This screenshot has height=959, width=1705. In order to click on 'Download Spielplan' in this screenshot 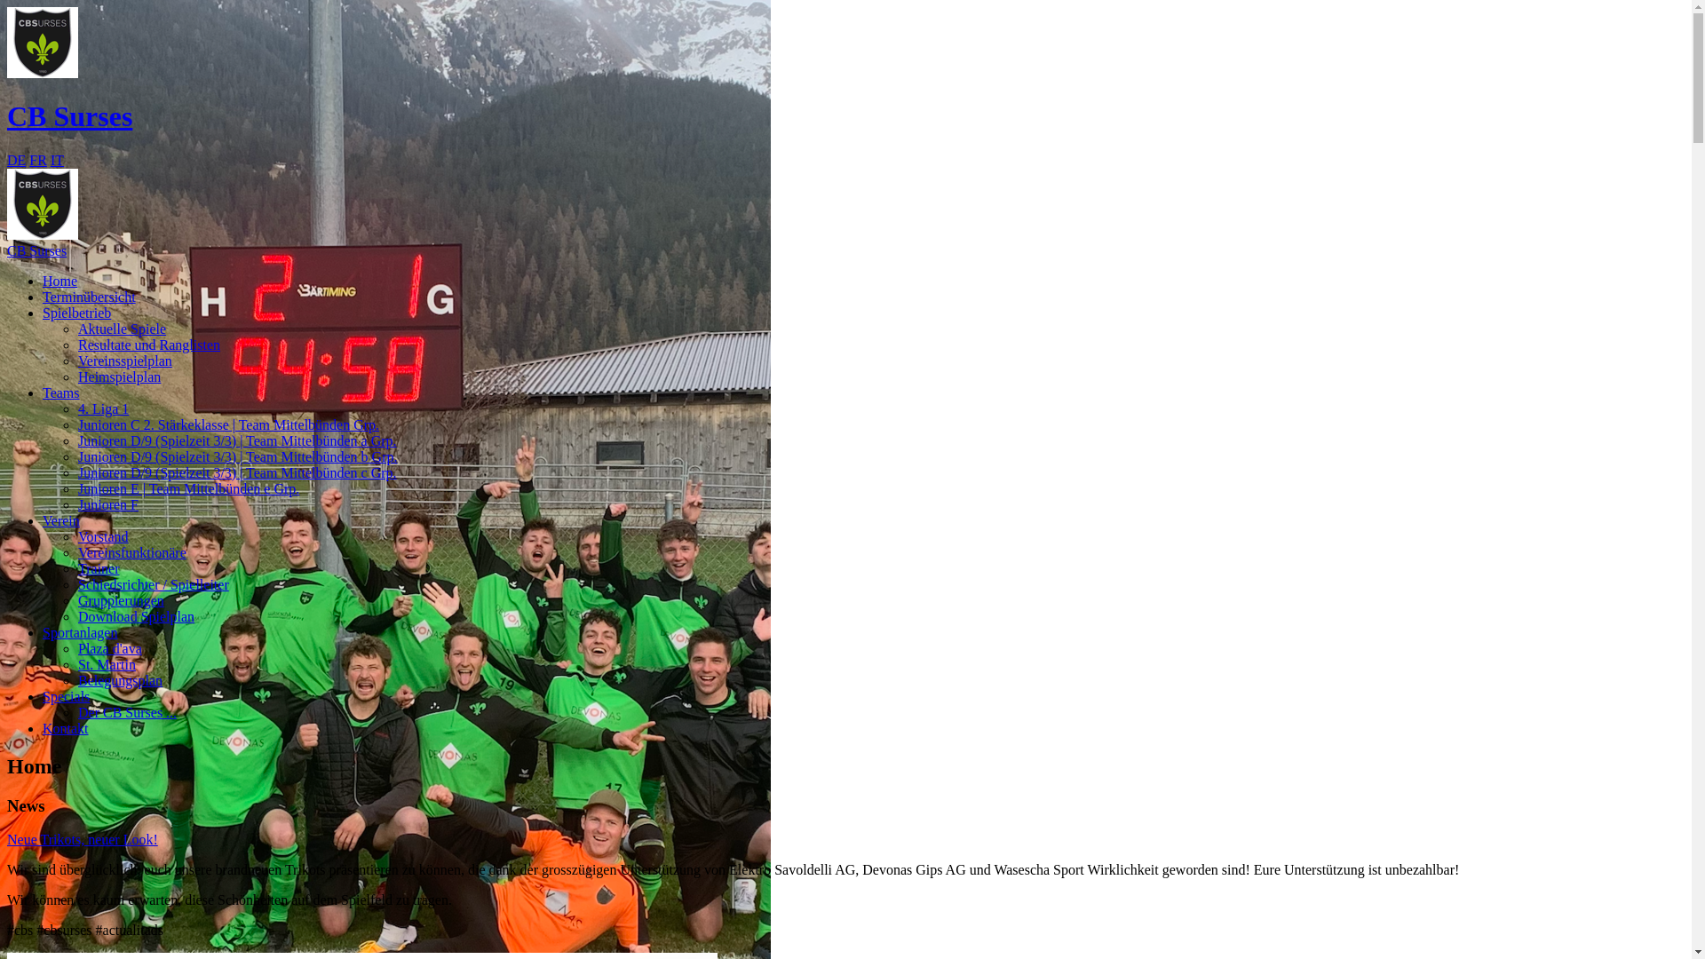, I will do `click(135, 615)`.